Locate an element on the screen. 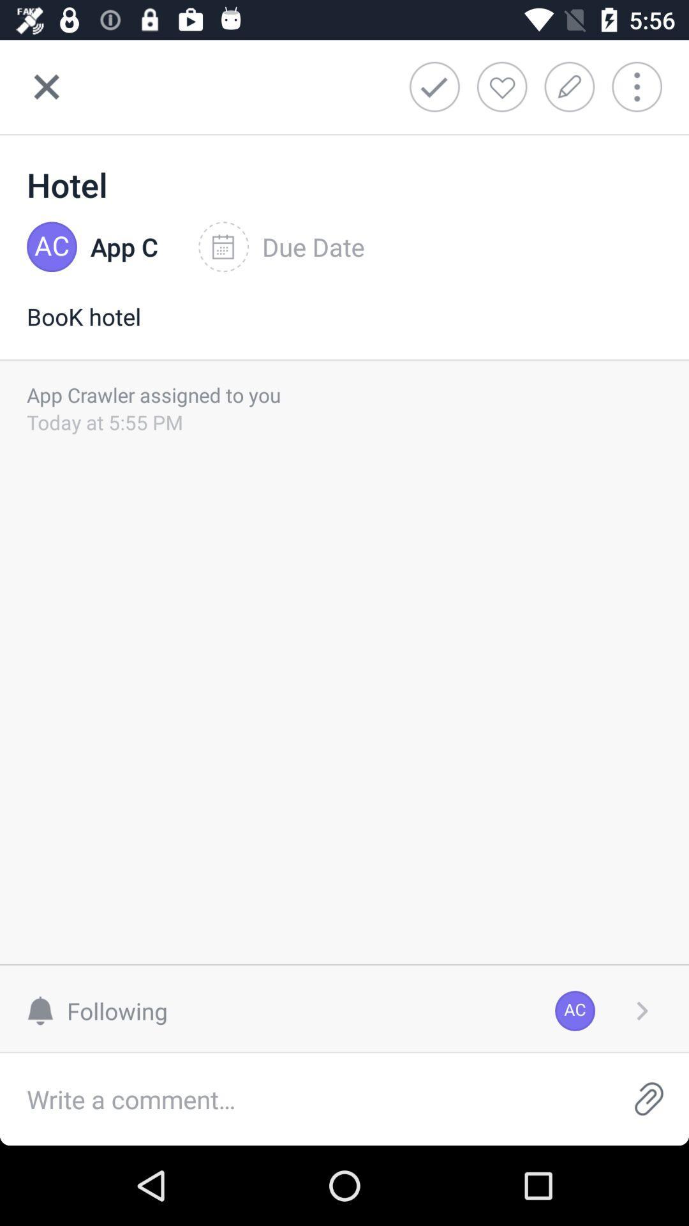 This screenshot has width=689, height=1226. icon below following item is located at coordinates (304, 1098).